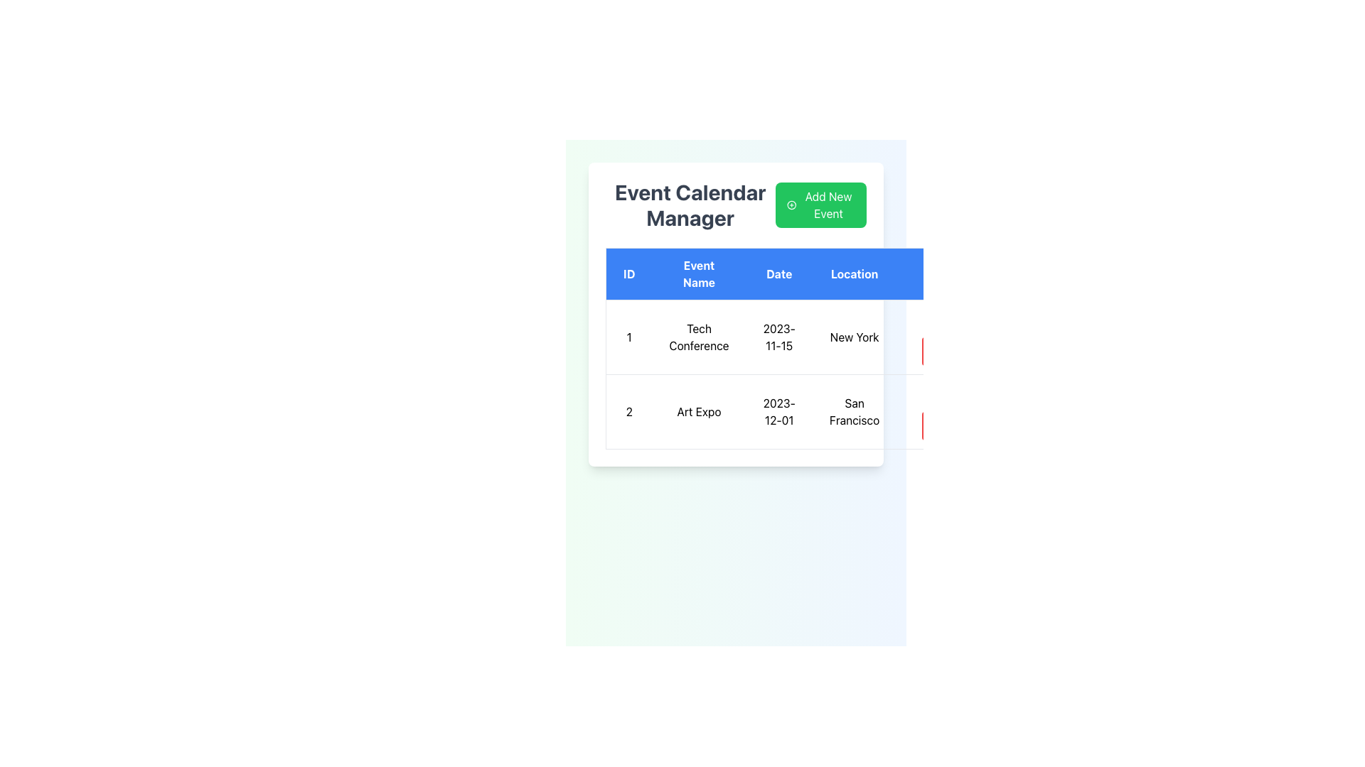 The image size is (1365, 767). I want to click on the Text Label that reads 'Event Calendar Manager', styled in a large, bold font with dark gray text, which is positioned above the 'Add New Event' button, so click(690, 205).